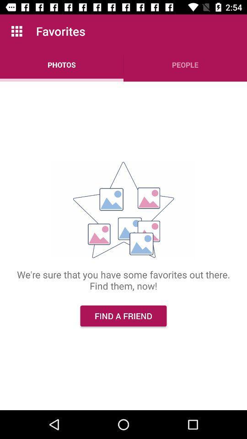  I want to click on the find a friend icon, so click(123, 316).